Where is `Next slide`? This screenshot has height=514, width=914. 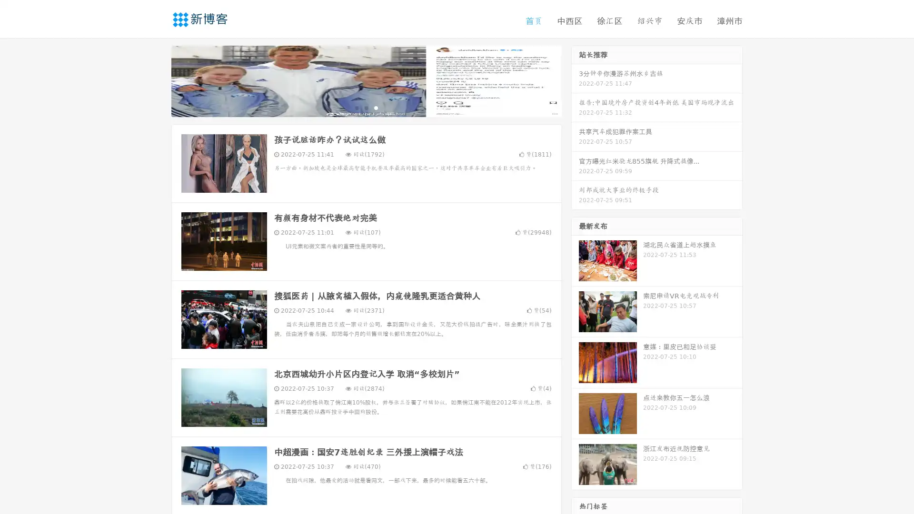
Next slide is located at coordinates (575, 80).